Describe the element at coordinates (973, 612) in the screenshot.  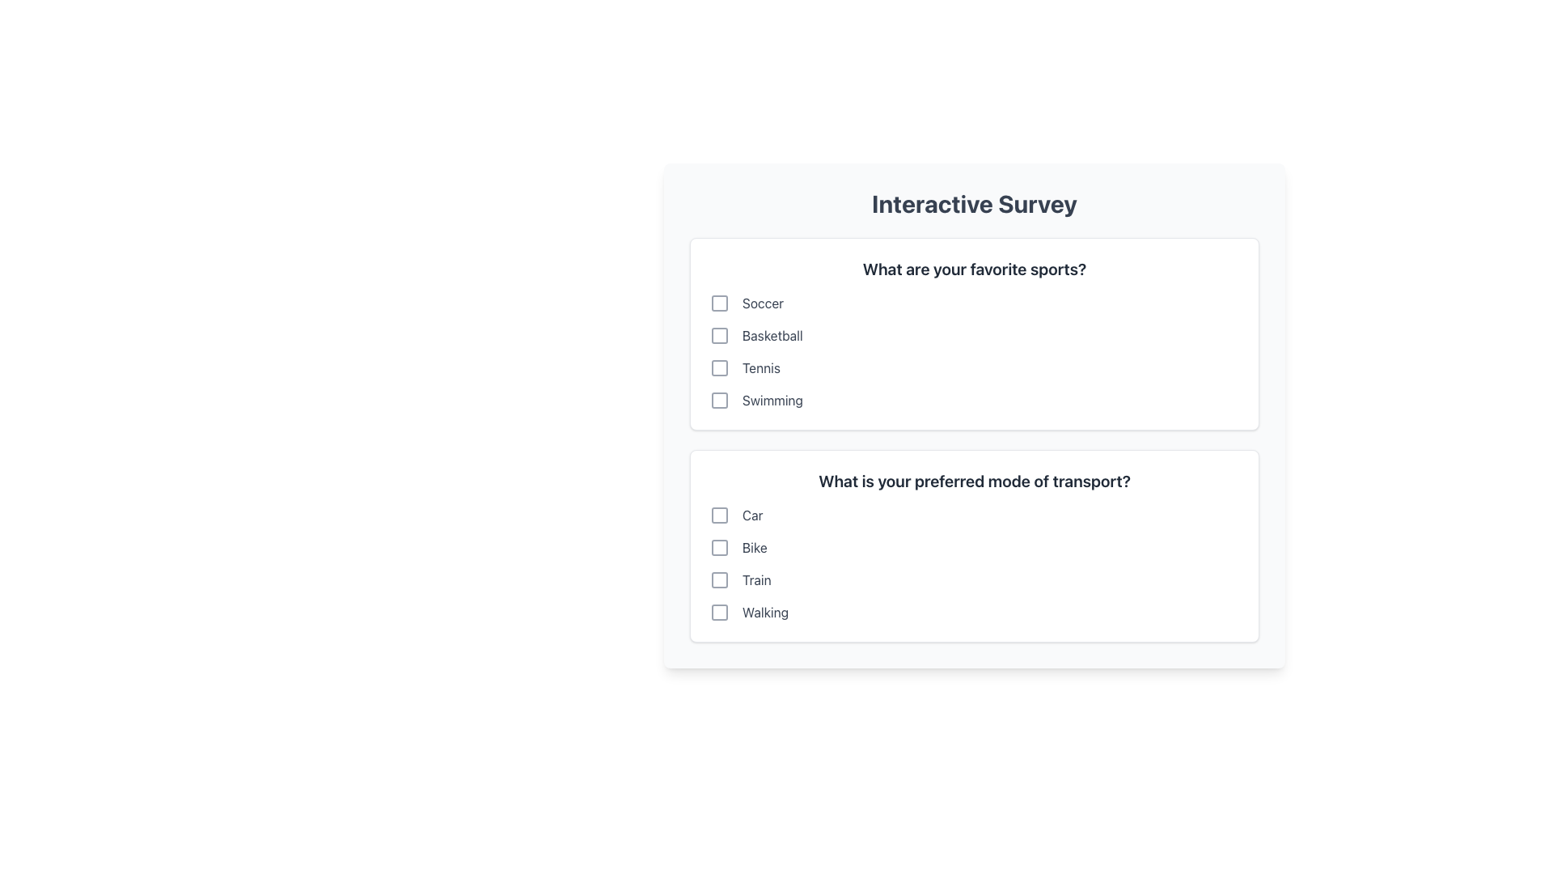
I see `the unselected checkbox labeled 'Walking'` at that location.